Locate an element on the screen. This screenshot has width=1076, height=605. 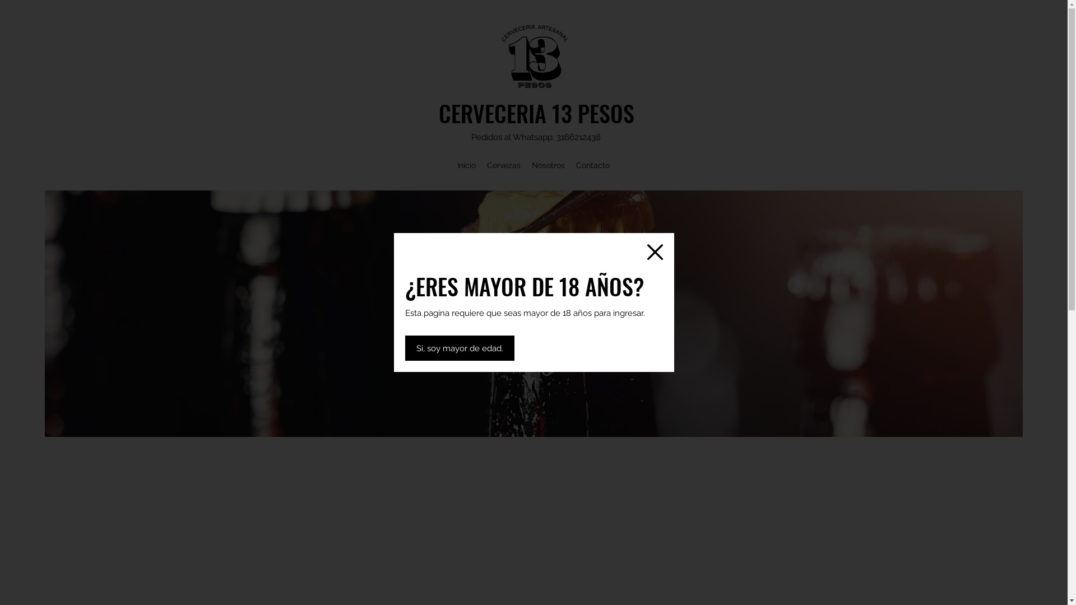
'Contacto' is located at coordinates (592, 165).